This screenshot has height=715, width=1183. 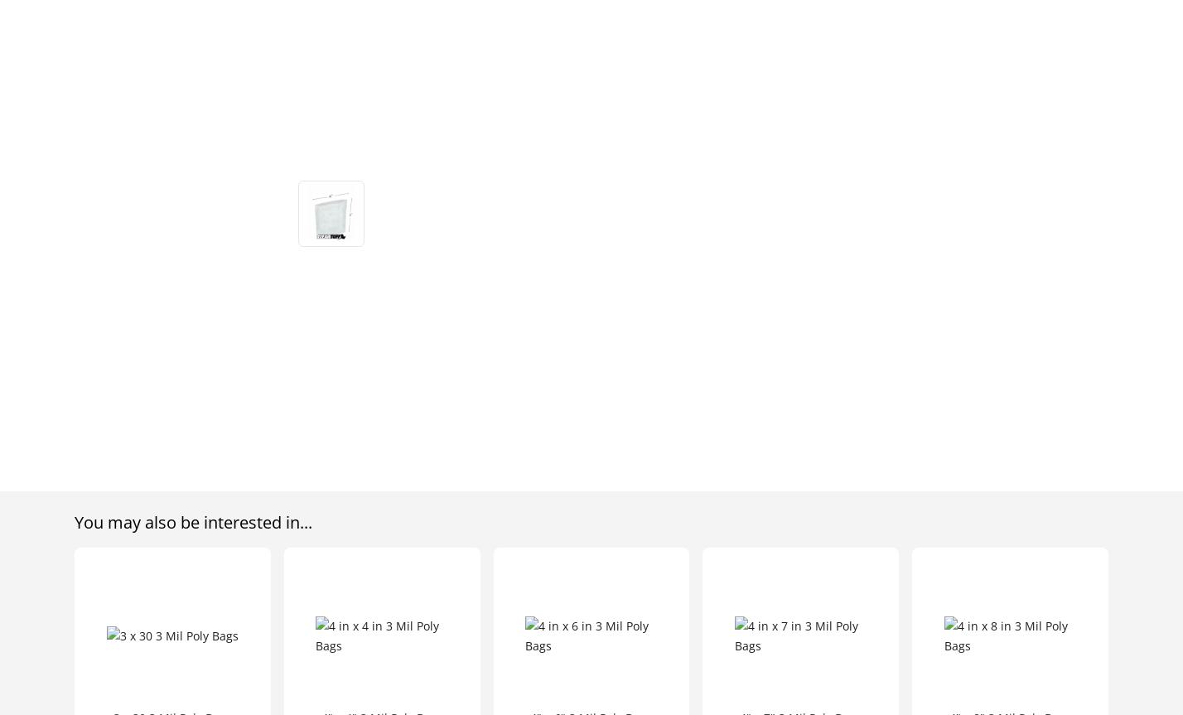 What do you see at coordinates (268, 229) in the screenshot?
I see `'All Rights Reserved'` at bounding box center [268, 229].